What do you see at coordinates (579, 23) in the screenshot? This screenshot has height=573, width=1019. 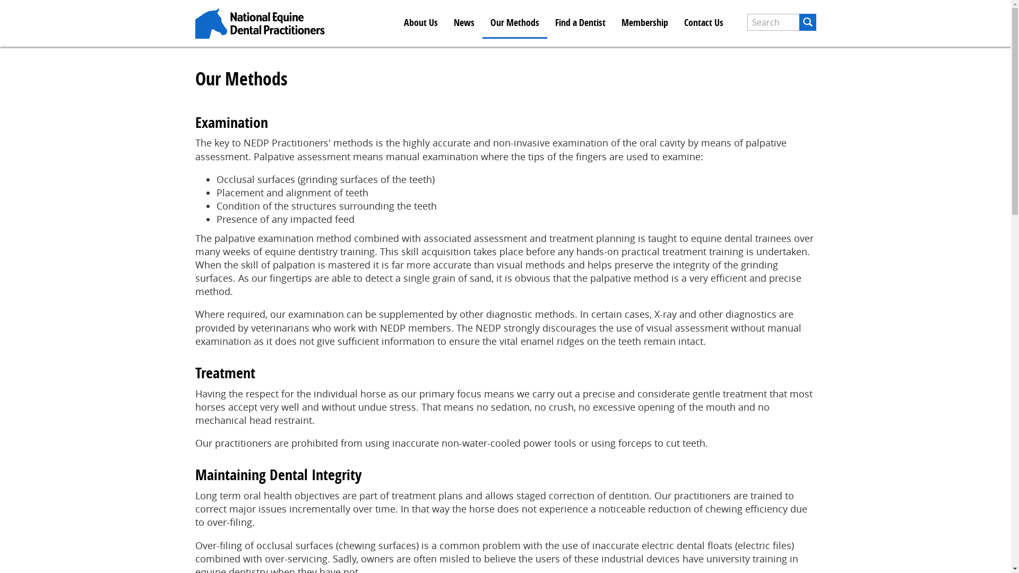 I see `'Find a Dentist'` at bounding box center [579, 23].